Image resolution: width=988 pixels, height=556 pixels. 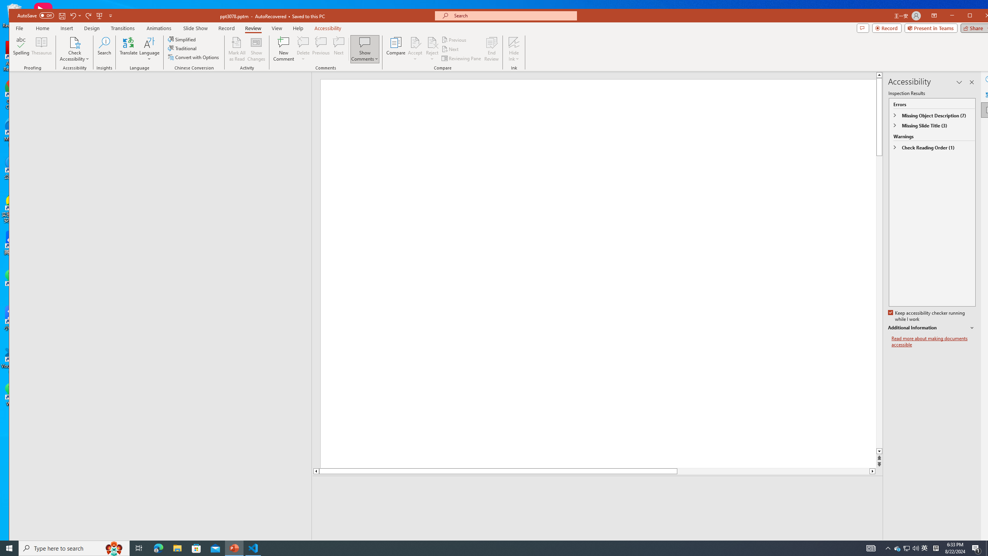 What do you see at coordinates (284, 49) in the screenshot?
I see `'New Comment'` at bounding box center [284, 49].